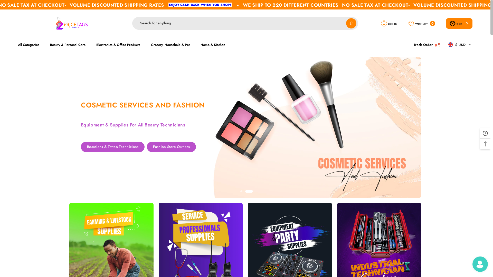  What do you see at coordinates (81, 157) in the screenshot?
I see `'Beautians & Tattoo Technicians'` at bounding box center [81, 157].